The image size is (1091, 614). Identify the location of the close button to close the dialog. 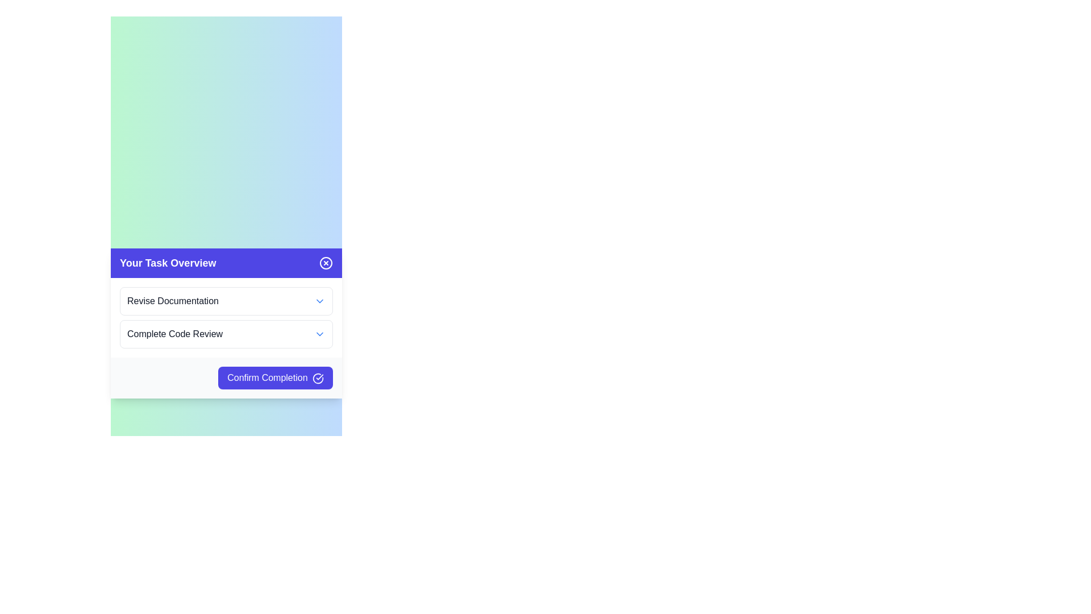
(326, 263).